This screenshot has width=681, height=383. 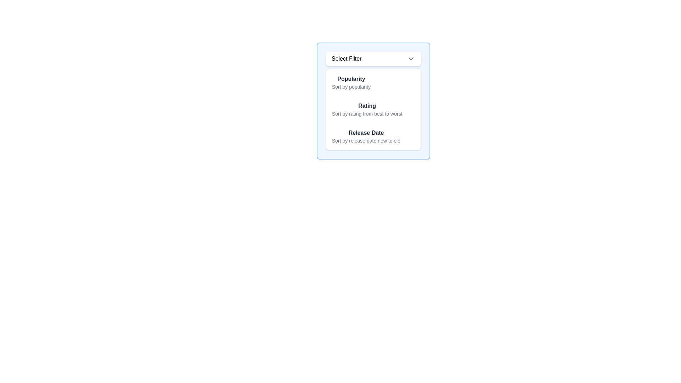 I want to click on the third dropdown item labeled 'Release Date', so click(x=366, y=137).